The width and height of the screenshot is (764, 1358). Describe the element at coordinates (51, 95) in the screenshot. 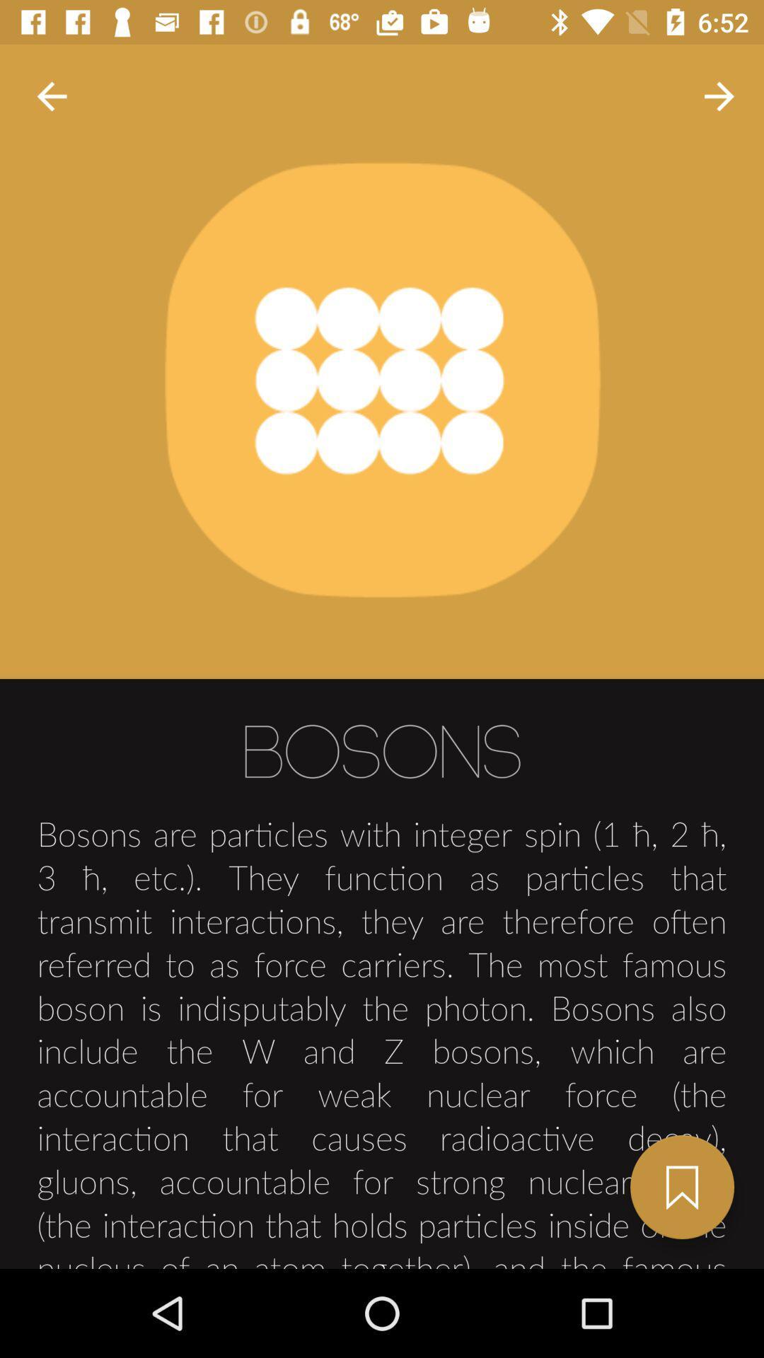

I see `previous` at that location.